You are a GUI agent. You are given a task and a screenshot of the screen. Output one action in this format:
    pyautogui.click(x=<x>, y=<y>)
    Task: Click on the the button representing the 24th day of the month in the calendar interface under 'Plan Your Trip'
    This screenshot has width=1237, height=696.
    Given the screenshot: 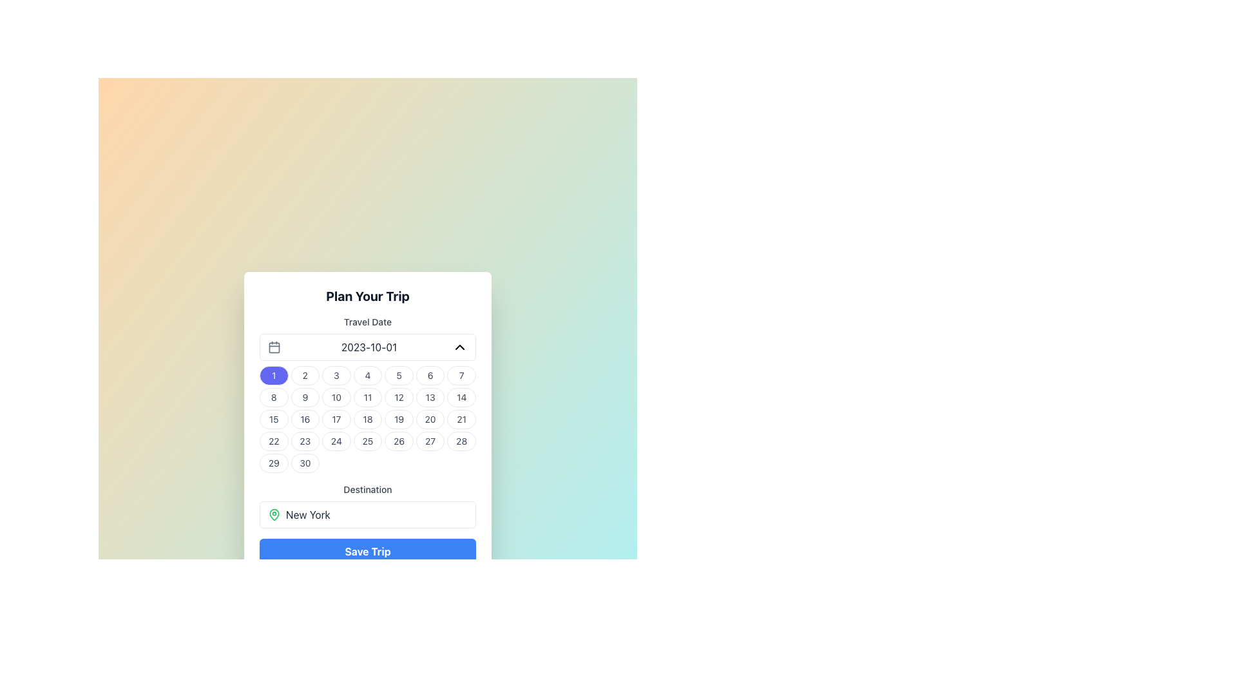 What is the action you would take?
    pyautogui.click(x=336, y=441)
    